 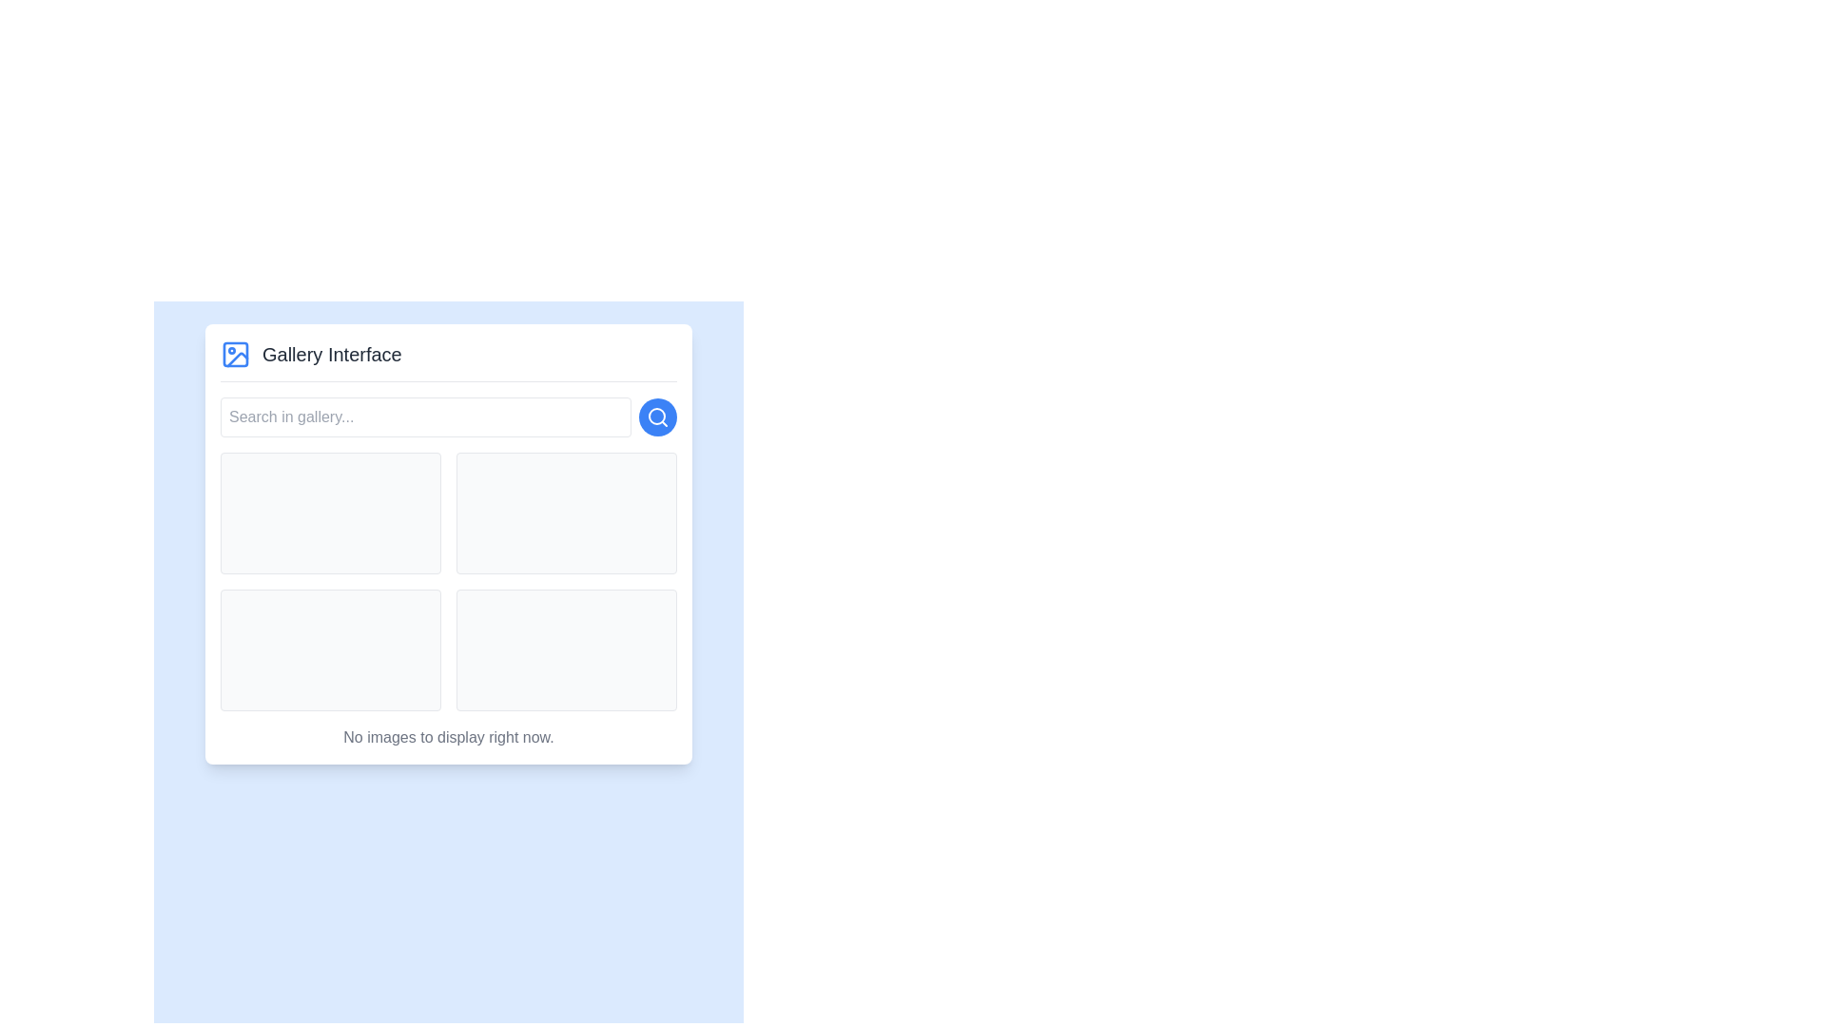 I want to click on the search input field or button located in the Gallery Interface card, positioned directly below the title section, so click(x=447, y=417).